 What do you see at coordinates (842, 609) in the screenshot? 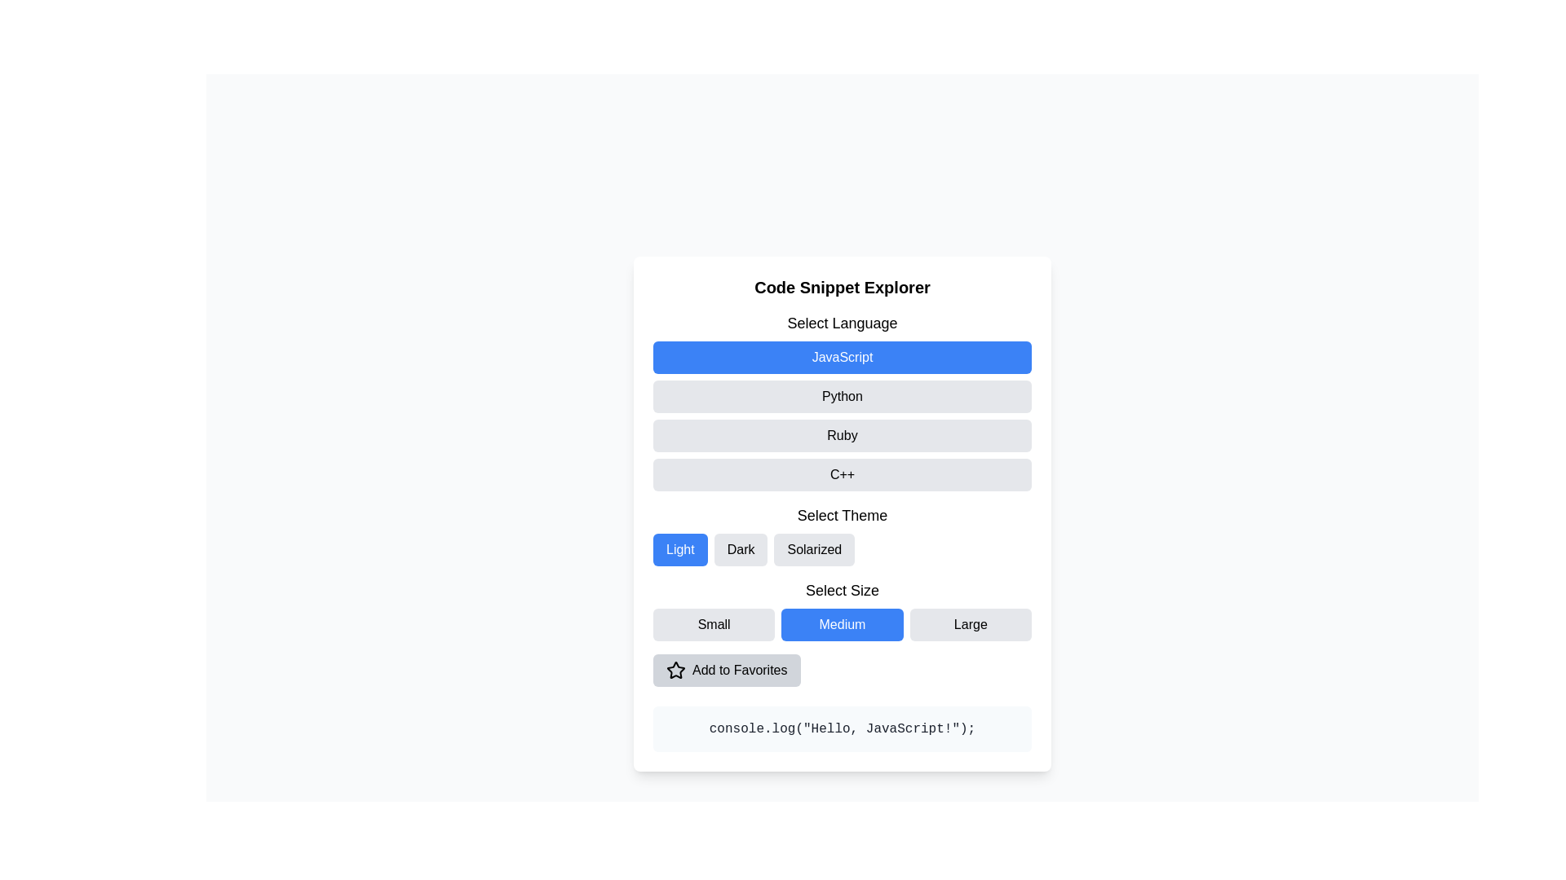
I see `the 'Medium' segmented button in the size selector group located in the 'Code Snippet Explorer' section` at bounding box center [842, 609].